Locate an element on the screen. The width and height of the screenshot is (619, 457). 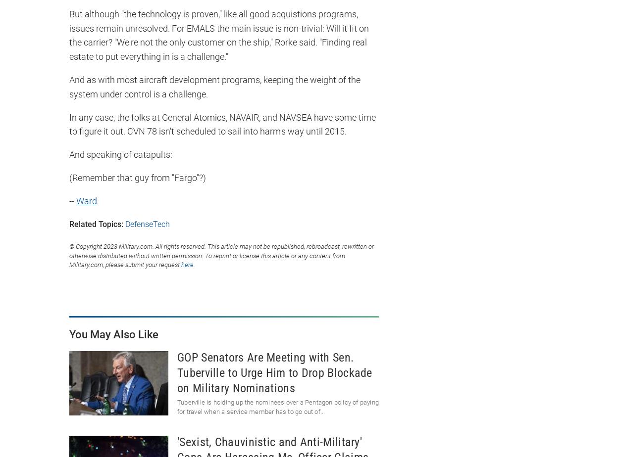
'--' is located at coordinates (69, 200).